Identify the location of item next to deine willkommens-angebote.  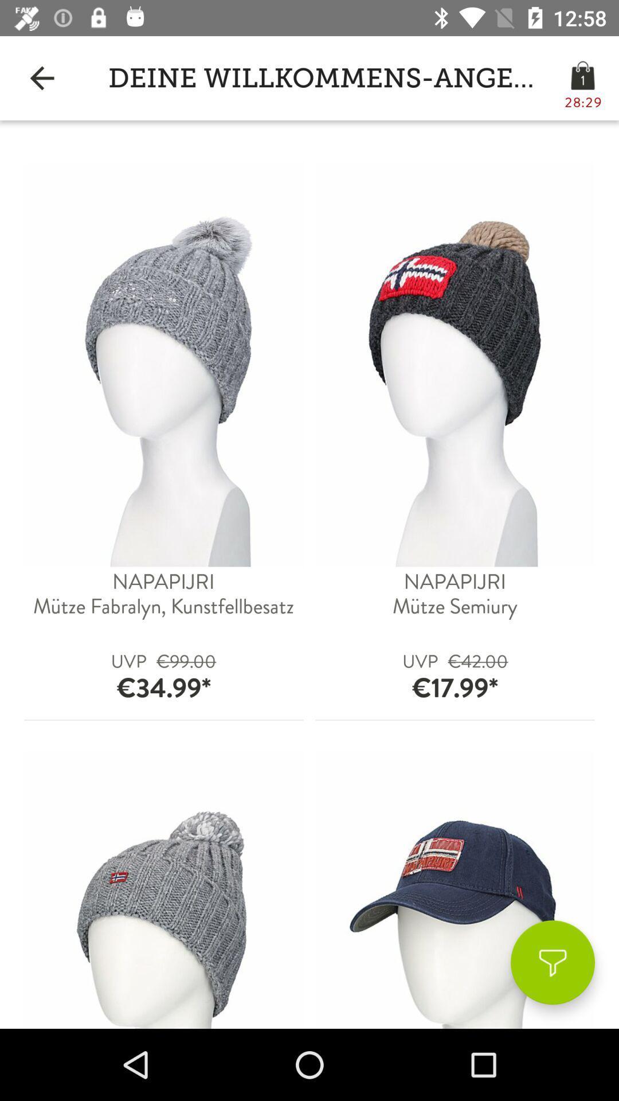
(41, 77).